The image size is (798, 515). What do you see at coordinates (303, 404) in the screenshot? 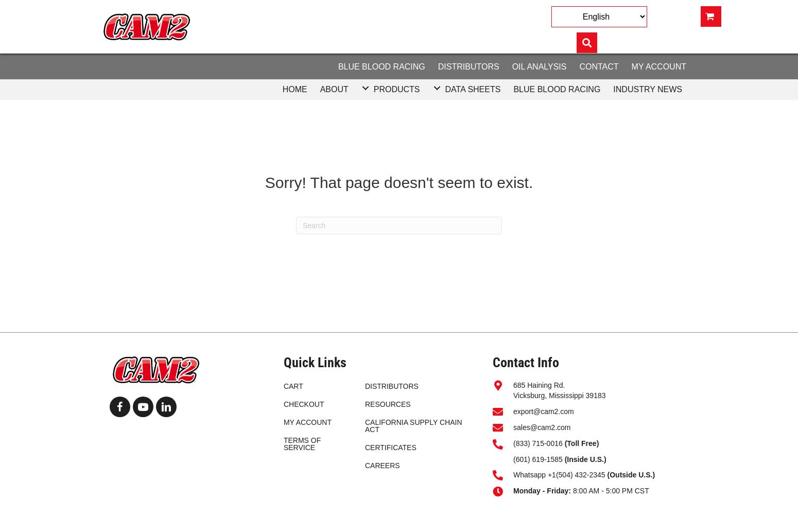
I see `'Checkout'` at bounding box center [303, 404].